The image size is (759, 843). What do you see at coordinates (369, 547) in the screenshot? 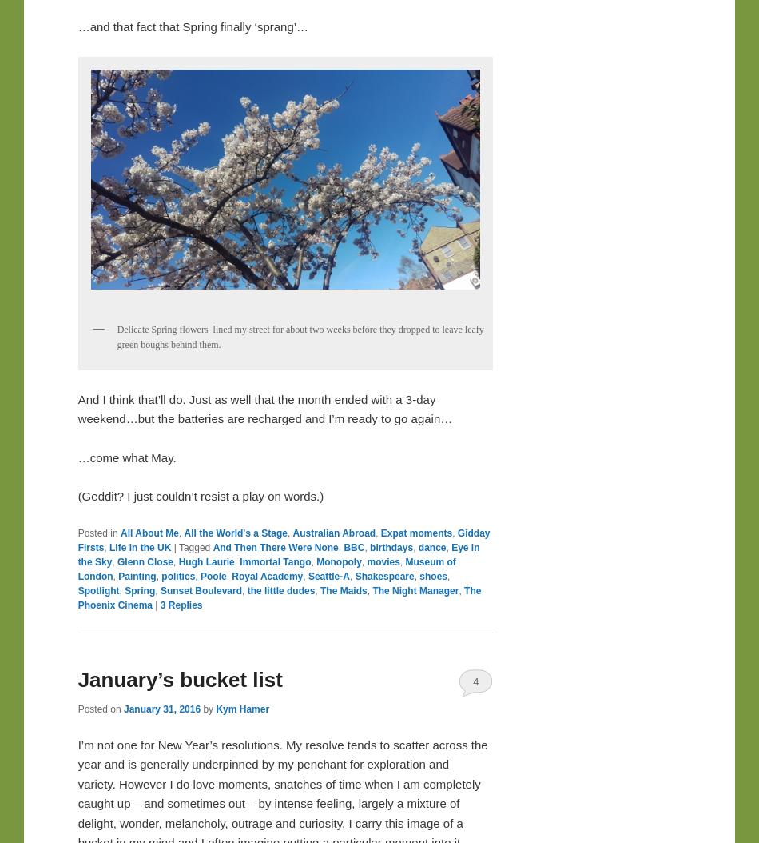
I see `'birthdays'` at bounding box center [369, 547].